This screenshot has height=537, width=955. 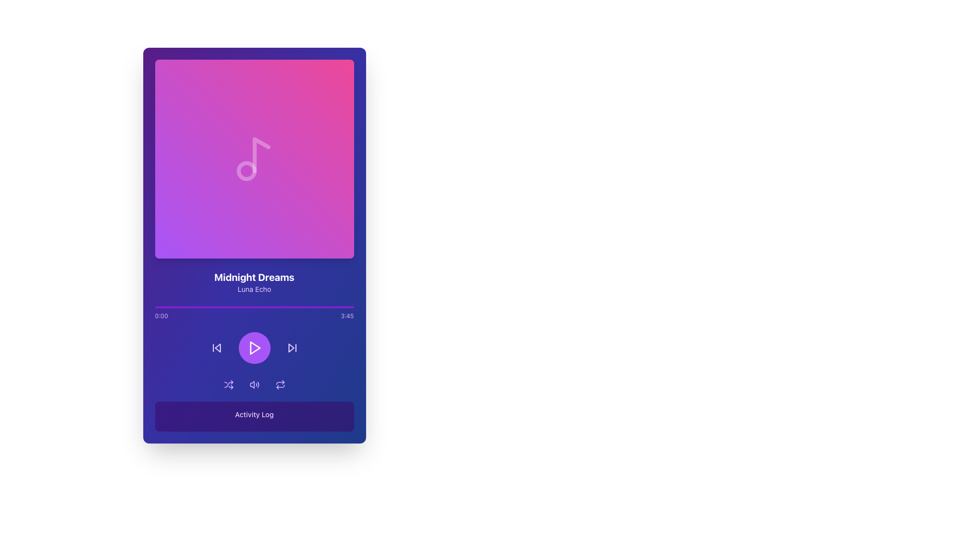 What do you see at coordinates (254, 347) in the screenshot?
I see `the play button located in the bottom section of the music player interface` at bounding box center [254, 347].